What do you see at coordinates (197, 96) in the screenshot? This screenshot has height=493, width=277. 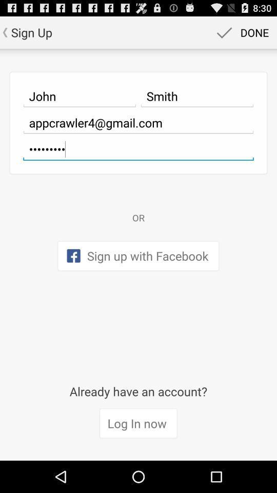 I see `the item above the appcrawler4@gmail.com` at bounding box center [197, 96].